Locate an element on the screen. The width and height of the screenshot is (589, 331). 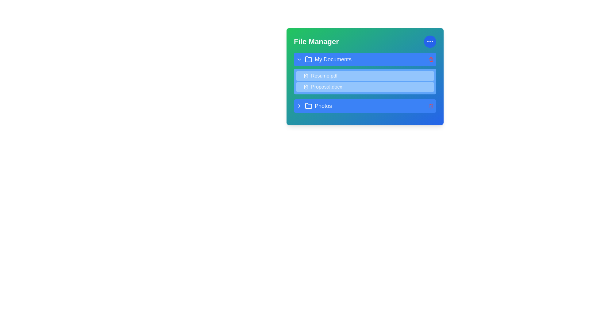
the folder icon located to the left of the 'My Documents' text label in the 'File Manager' interface is located at coordinates (309, 59).